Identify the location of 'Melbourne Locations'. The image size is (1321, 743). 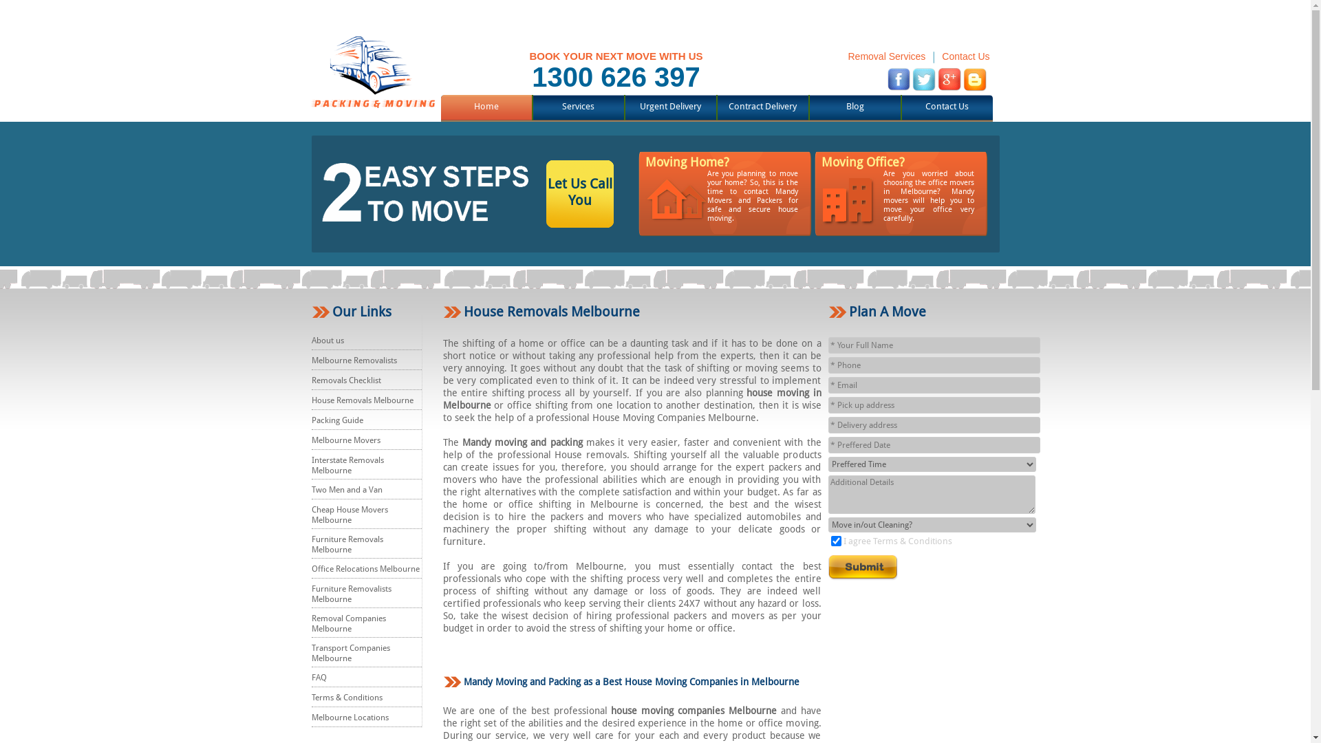
(350, 716).